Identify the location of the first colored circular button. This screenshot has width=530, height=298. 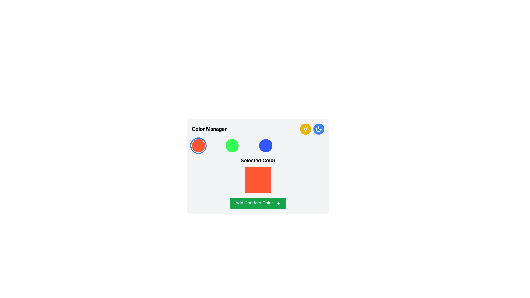
(198, 145).